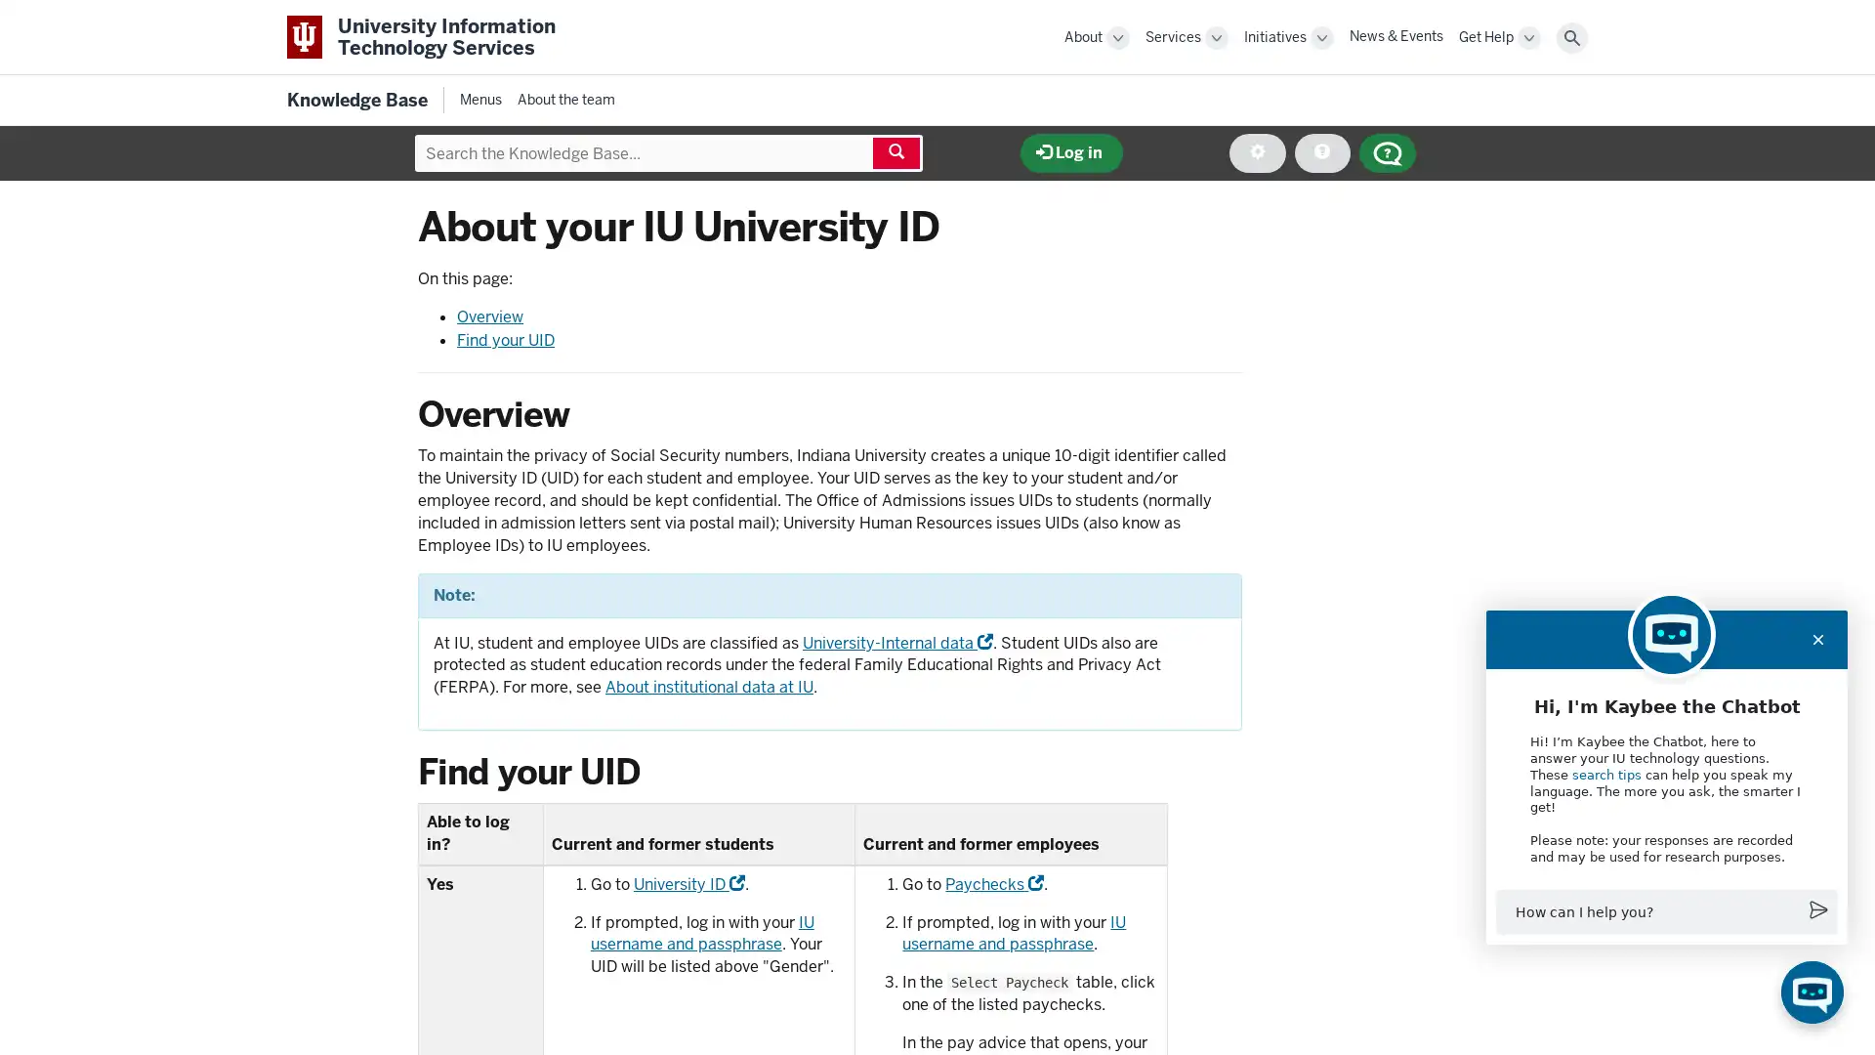 This screenshot has height=1055, width=1875. Describe the element at coordinates (1118, 37) in the screenshot. I see `Toggle About navigation` at that location.